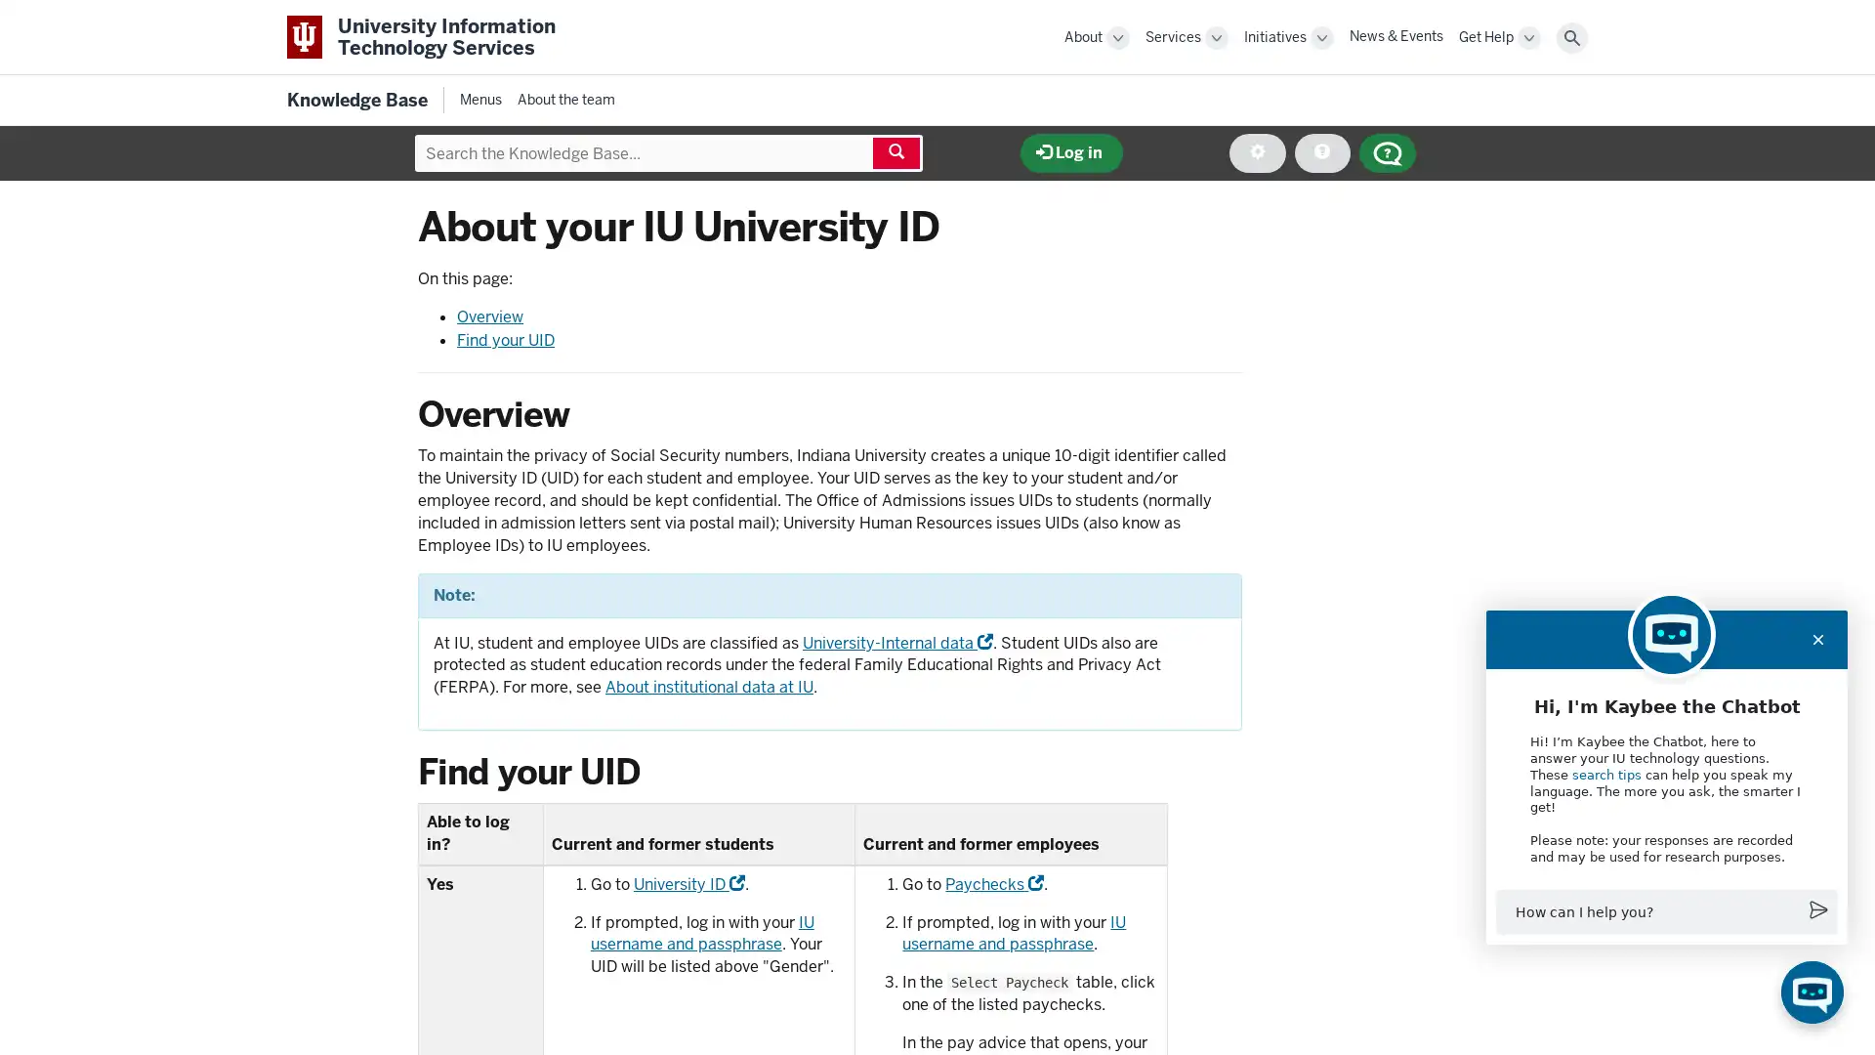 This screenshot has height=1055, width=1875. Describe the element at coordinates (1118, 37) in the screenshot. I see `Toggle About navigation` at that location.